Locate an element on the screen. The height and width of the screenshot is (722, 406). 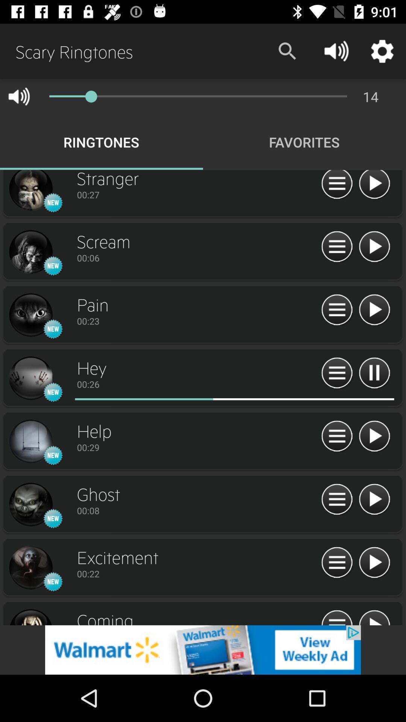
play button is located at coordinates (374, 437).